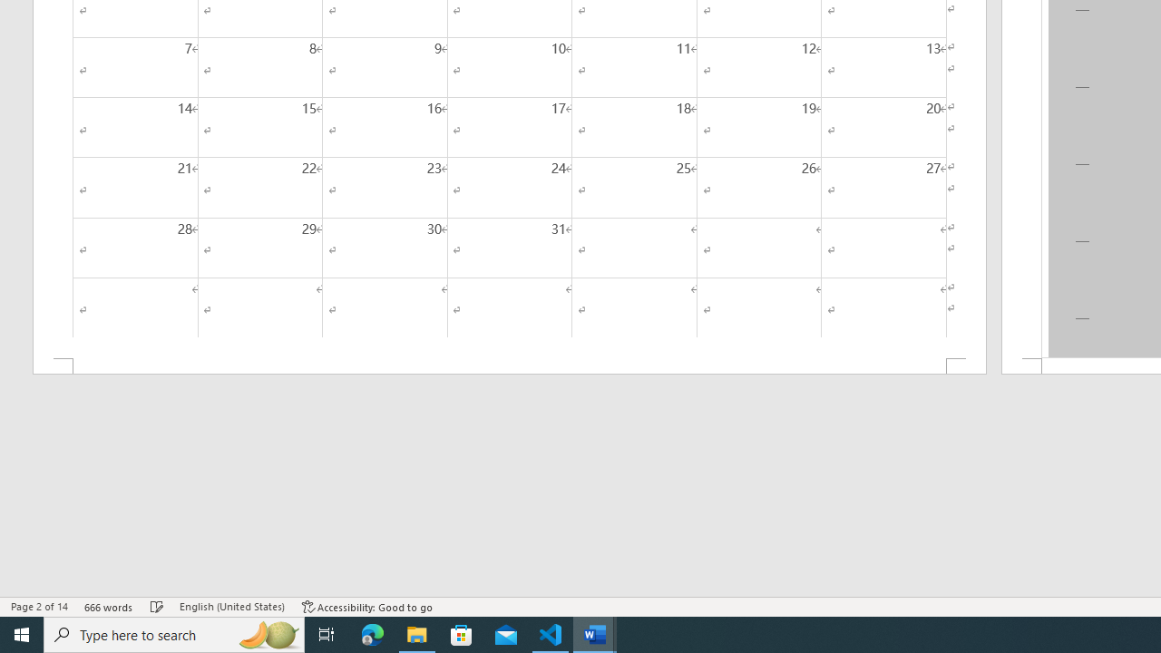  What do you see at coordinates (39, 607) in the screenshot?
I see `'Page Number Page 2 of 14'` at bounding box center [39, 607].